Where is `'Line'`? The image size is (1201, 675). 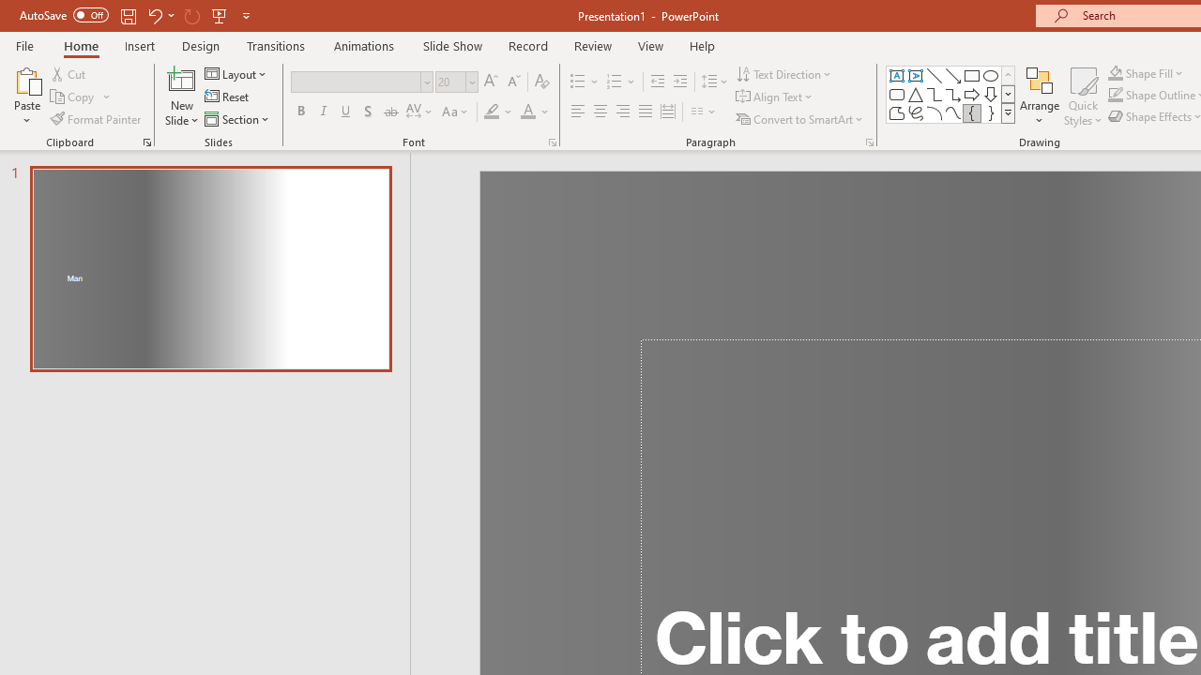
'Line' is located at coordinates (934, 75).